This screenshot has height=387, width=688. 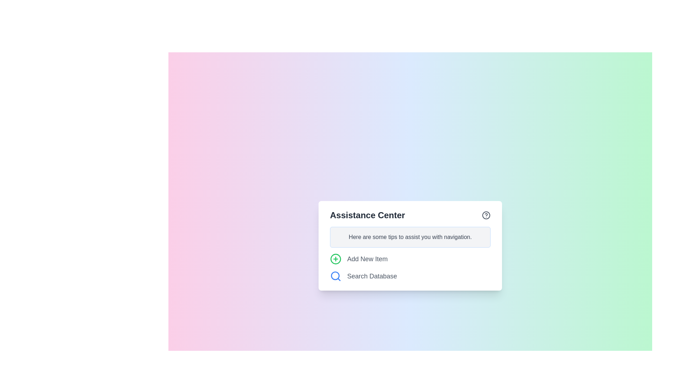 I want to click on the informational message box that contains the text 'Here are some tips to assist you with navigation.', so click(x=410, y=237).